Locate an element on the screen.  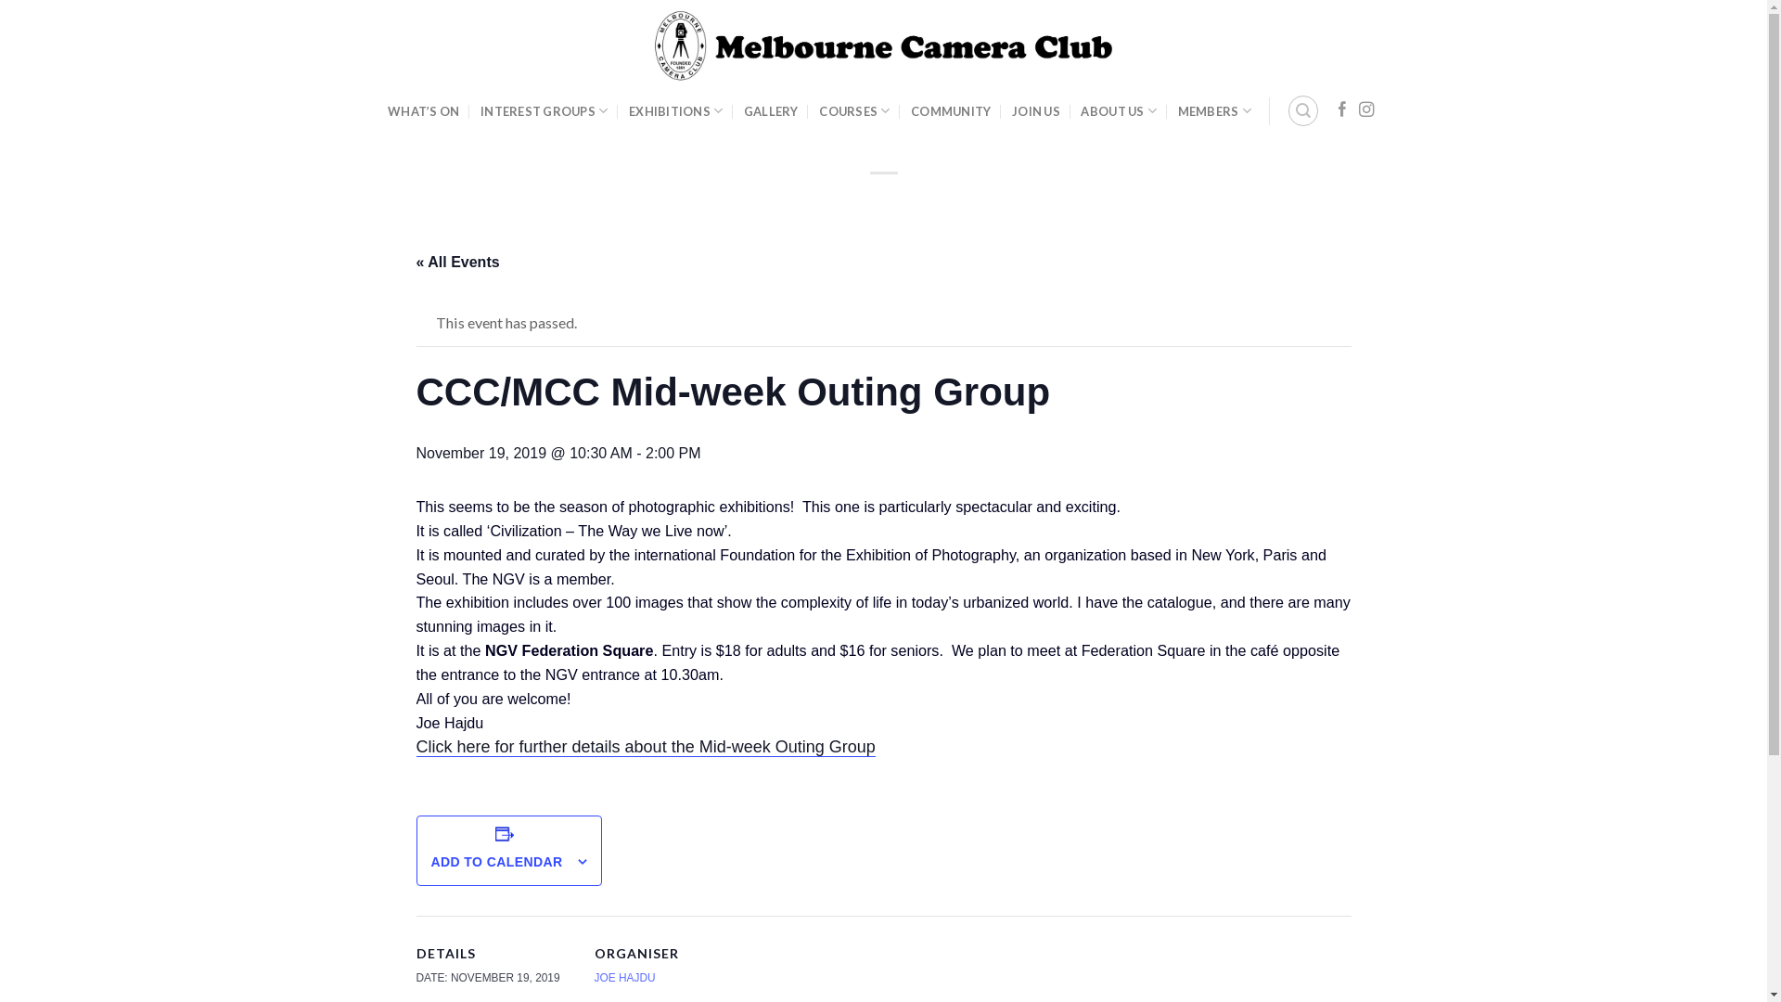
'GALLERY' is located at coordinates (771, 110).